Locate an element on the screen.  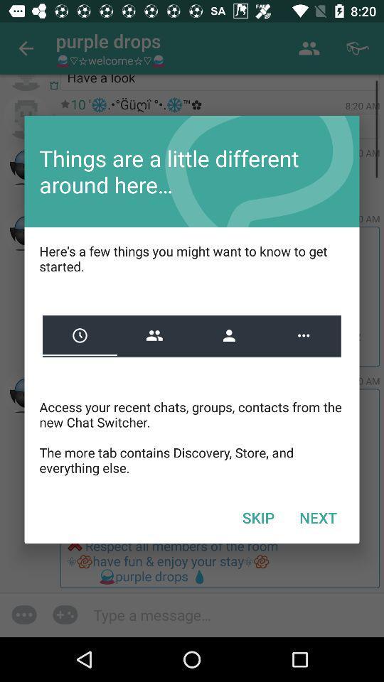
item below the access your recent icon is located at coordinates (318, 516).